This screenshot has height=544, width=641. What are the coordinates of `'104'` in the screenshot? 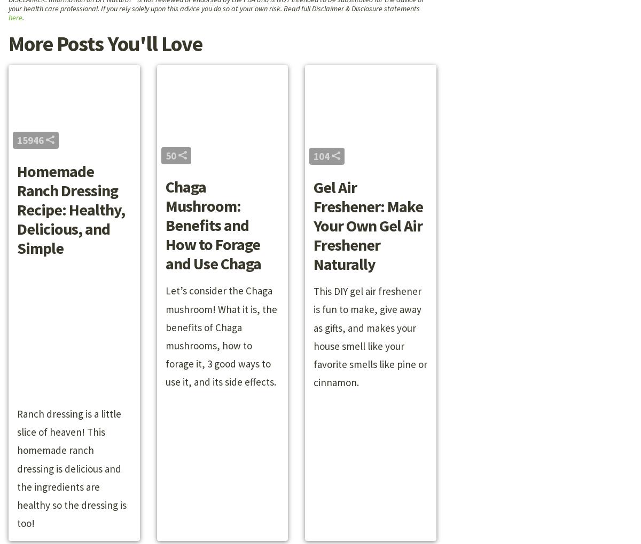 It's located at (322, 156).